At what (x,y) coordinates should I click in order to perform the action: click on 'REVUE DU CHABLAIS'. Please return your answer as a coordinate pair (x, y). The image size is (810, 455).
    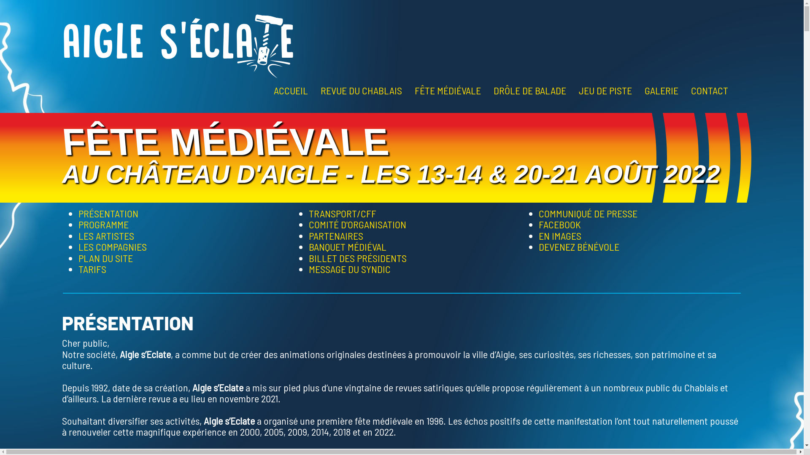
    Looking at the image, I should click on (361, 90).